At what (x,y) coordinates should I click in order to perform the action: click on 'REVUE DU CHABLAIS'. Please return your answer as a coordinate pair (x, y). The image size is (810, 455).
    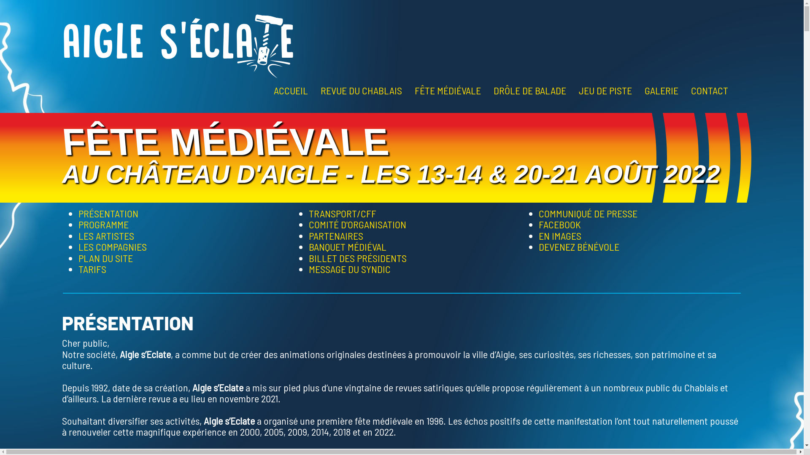
    Looking at the image, I should click on (361, 90).